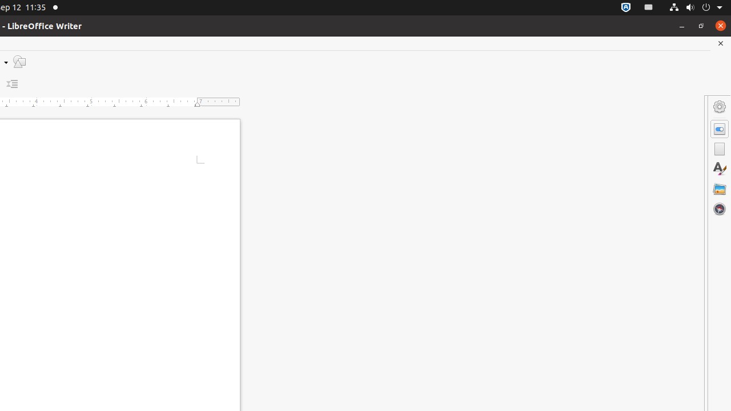 The height and width of the screenshot is (411, 731). Describe the element at coordinates (695, 7) in the screenshot. I see `'System'` at that location.